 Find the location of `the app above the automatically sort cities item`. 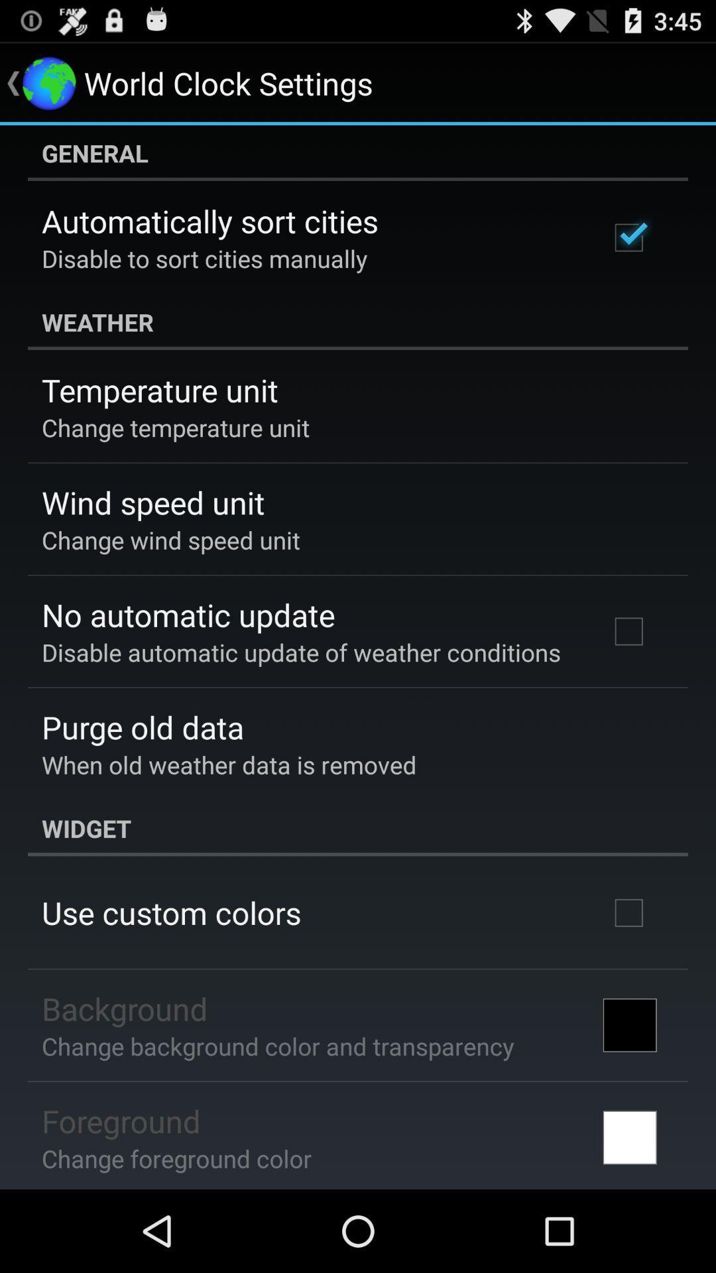

the app above the automatically sort cities item is located at coordinates (358, 152).